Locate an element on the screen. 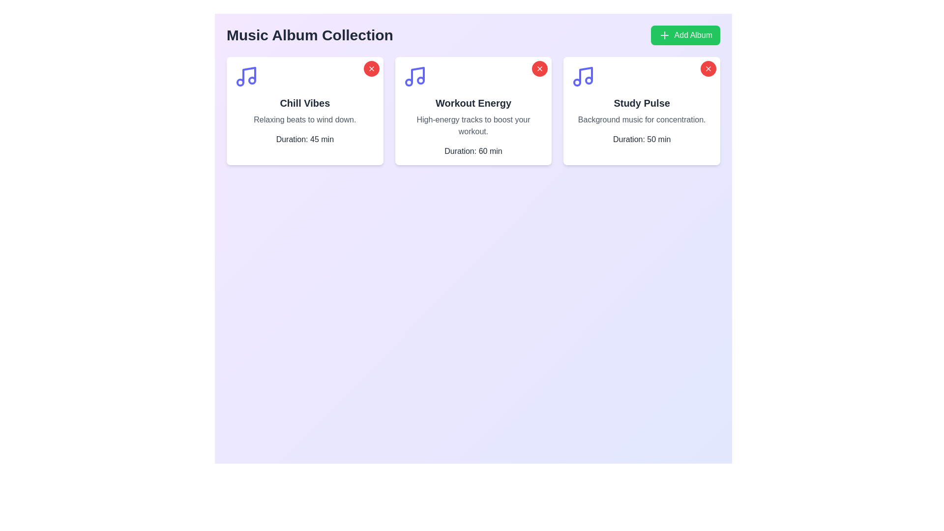 The width and height of the screenshot is (944, 531). the bold text label that reads 'Music Album Collection', prominently displayed at the top of the interface is located at coordinates (309, 35).